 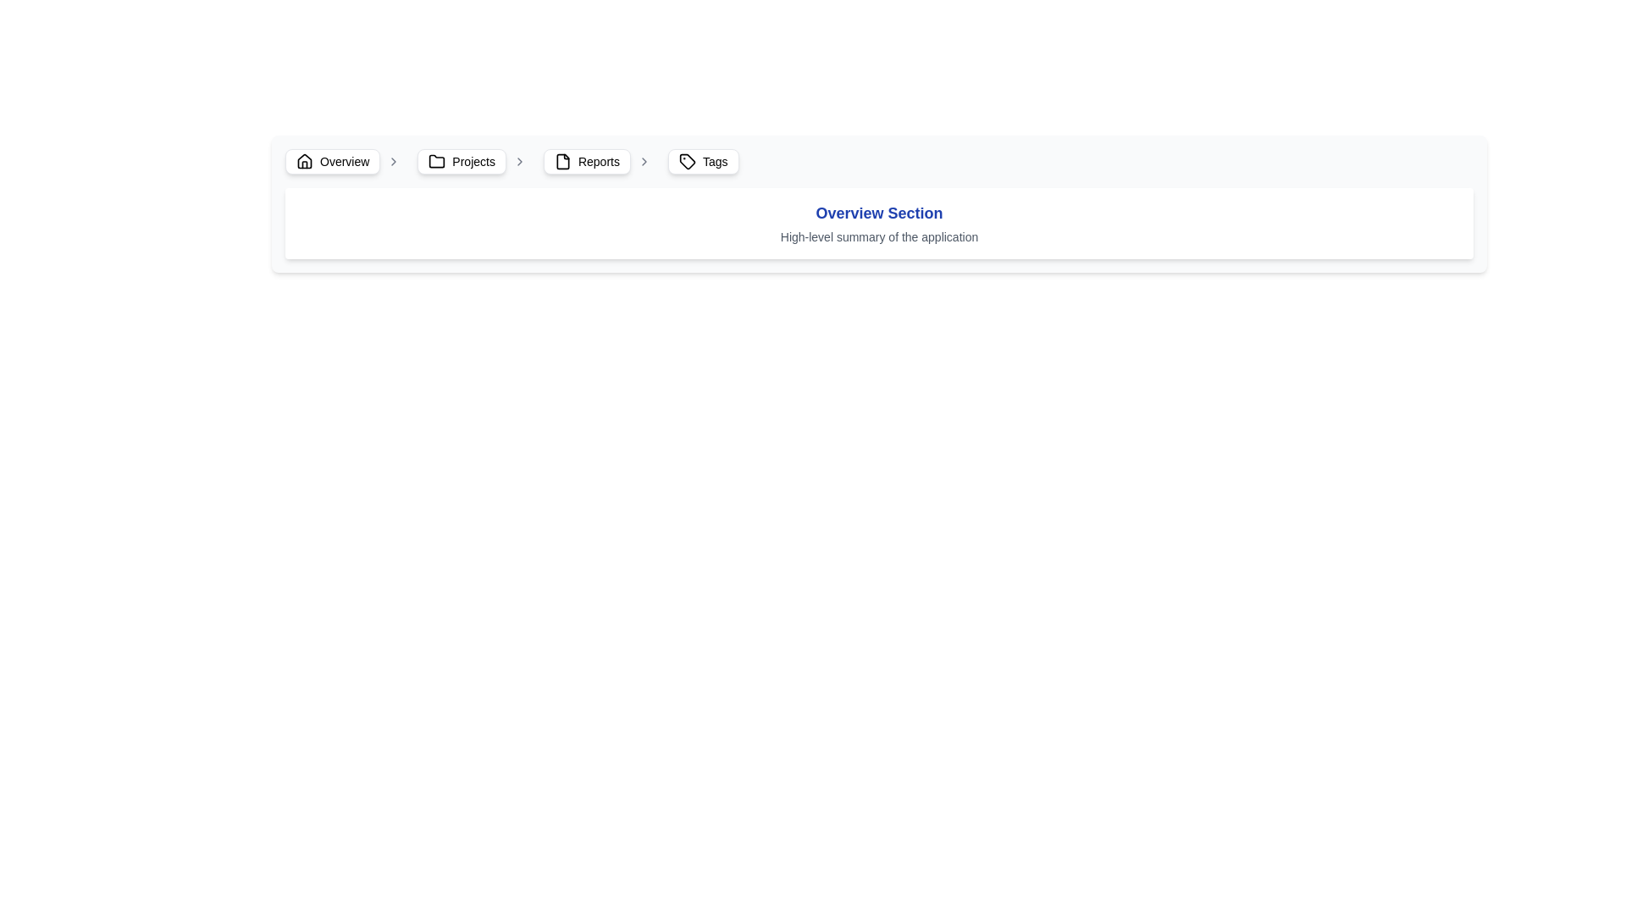 What do you see at coordinates (599, 162) in the screenshot?
I see `text content of the 'Reports' label, which is the fourth item in the breadcrumb navigation bar` at bounding box center [599, 162].